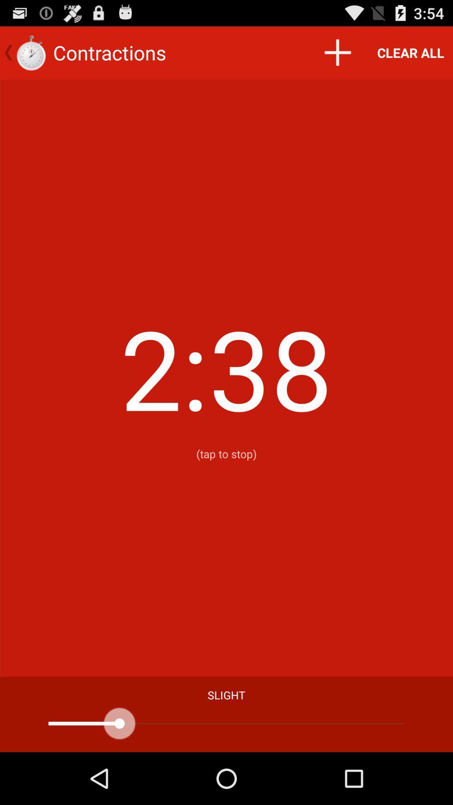  Describe the element at coordinates (337, 52) in the screenshot. I see `icon to the right of contractions item` at that location.